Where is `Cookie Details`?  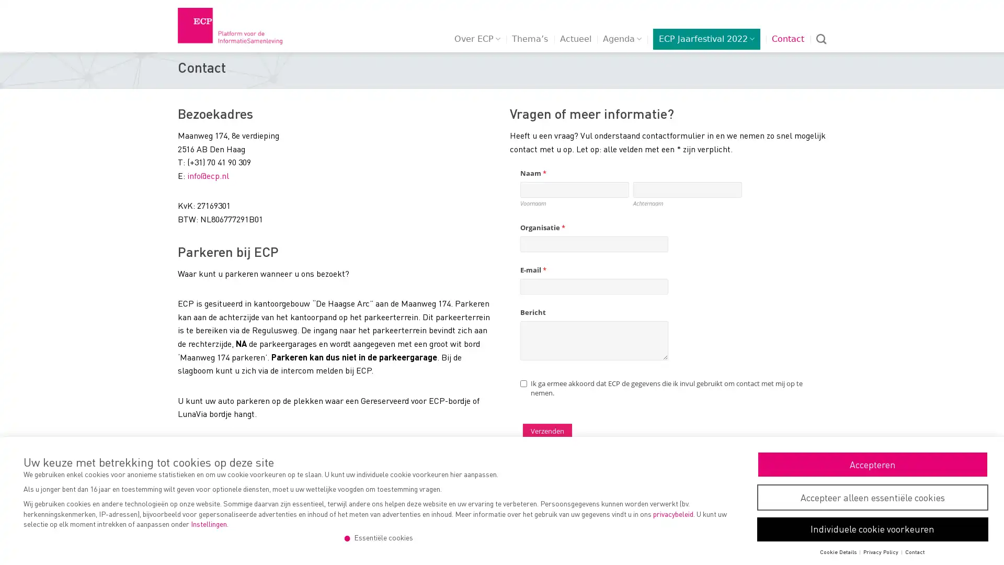
Cookie Details is located at coordinates (839, 551).